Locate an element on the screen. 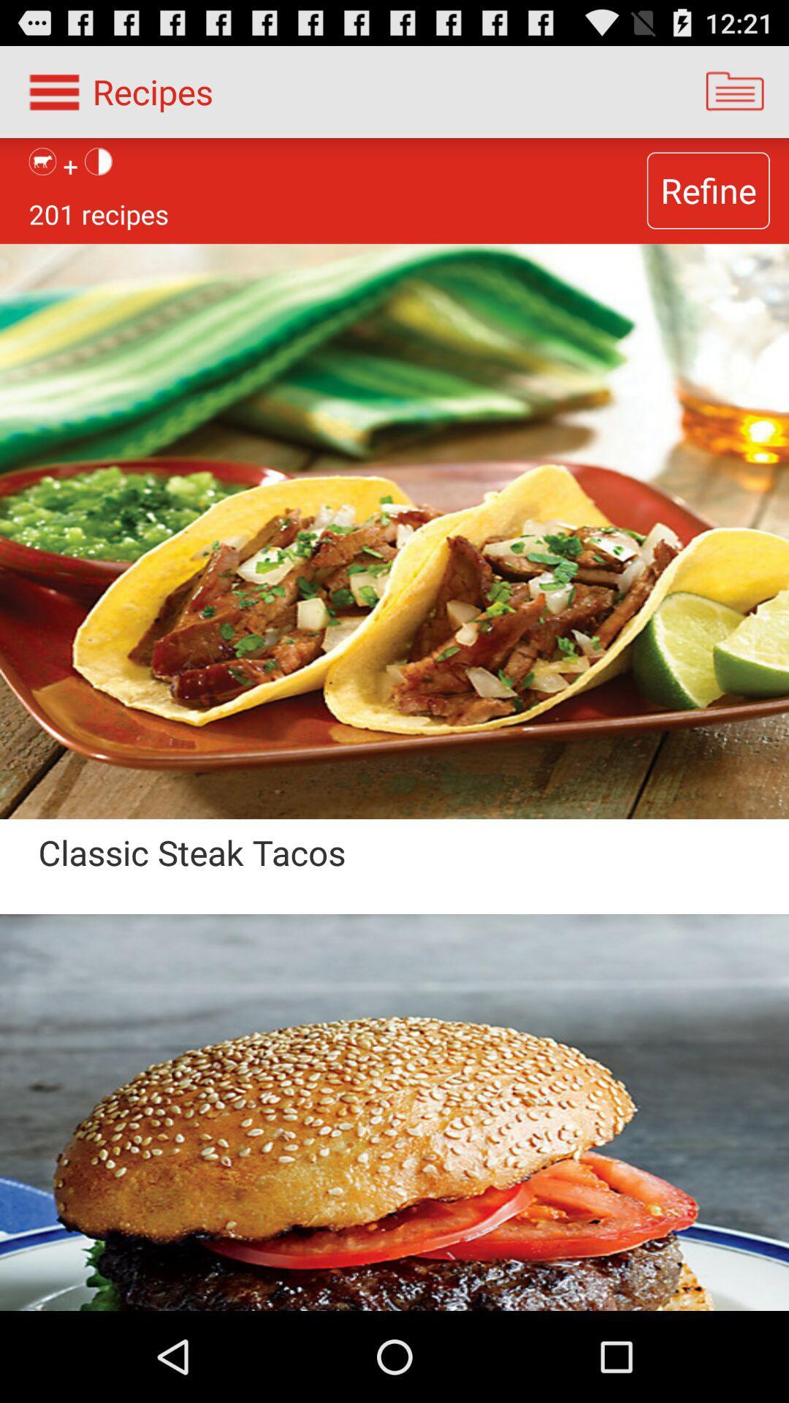 The image size is (789, 1403). the icon next to the recipes is located at coordinates (735, 91).